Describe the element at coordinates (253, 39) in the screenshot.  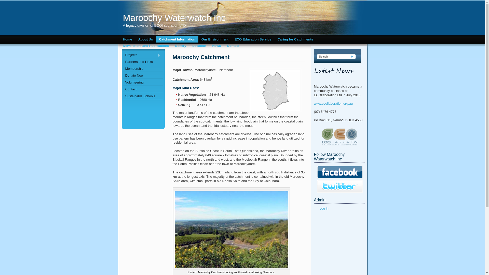
I see `'ECO Education Service'` at that location.